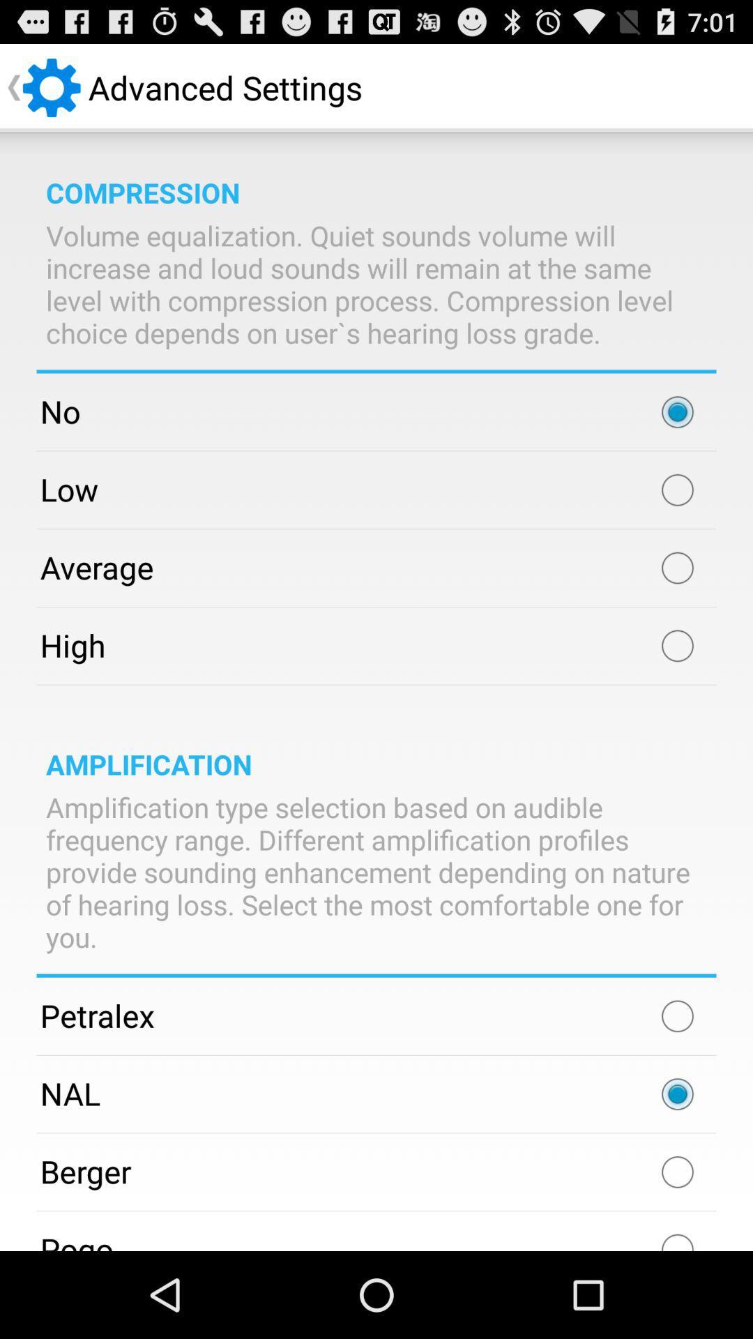 The image size is (753, 1339). Describe the element at coordinates (677, 411) in the screenshot. I see `choose your choice` at that location.